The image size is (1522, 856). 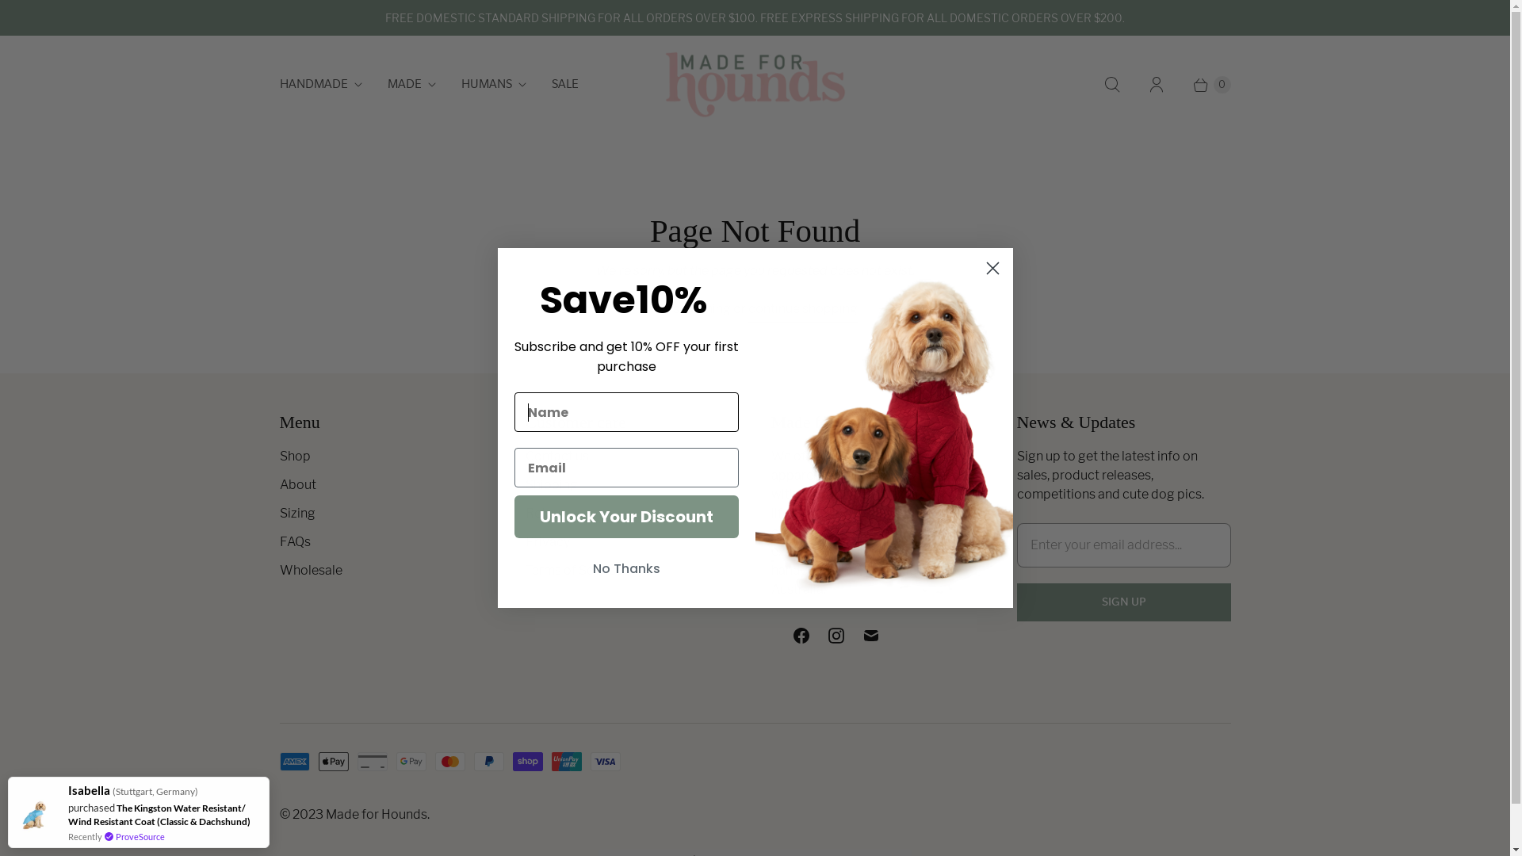 I want to click on 'Sign Up', so click(x=1122, y=602).